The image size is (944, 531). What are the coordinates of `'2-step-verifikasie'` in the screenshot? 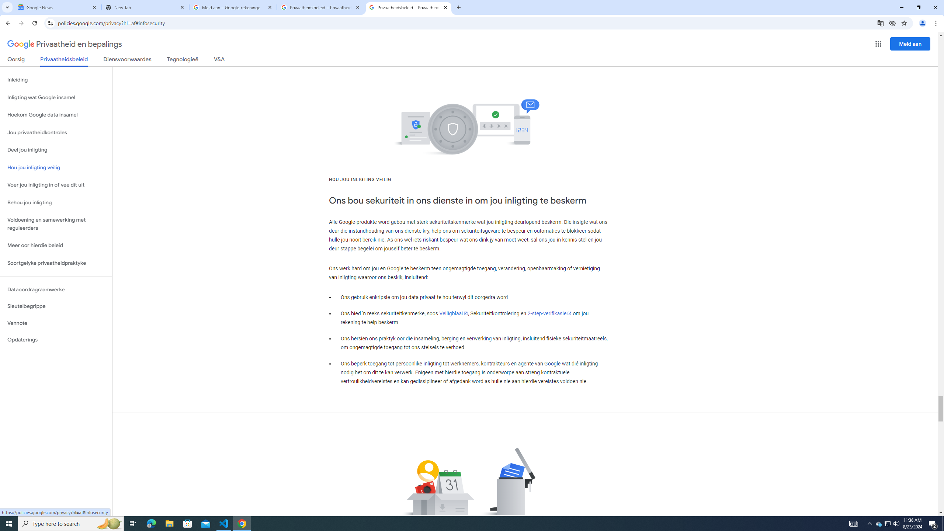 It's located at (550, 313).